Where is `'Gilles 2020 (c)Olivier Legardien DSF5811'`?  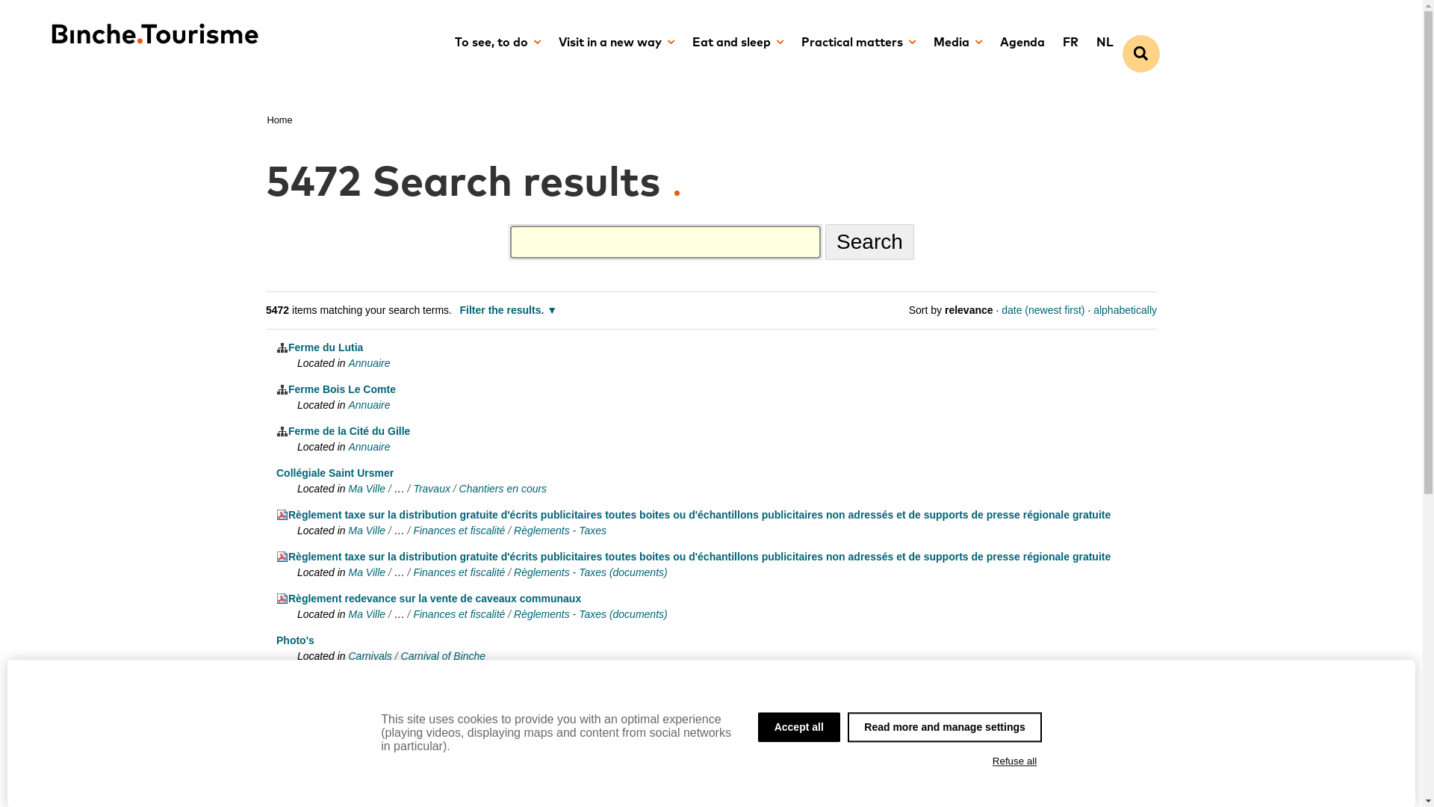
'Gilles 2020 (c)Olivier Legardien DSF5811' is located at coordinates (383, 723).